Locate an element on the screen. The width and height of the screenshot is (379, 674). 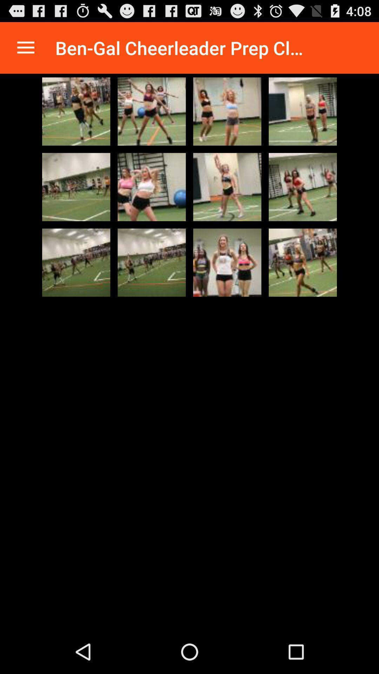
click image go to large is located at coordinates (227, 262).